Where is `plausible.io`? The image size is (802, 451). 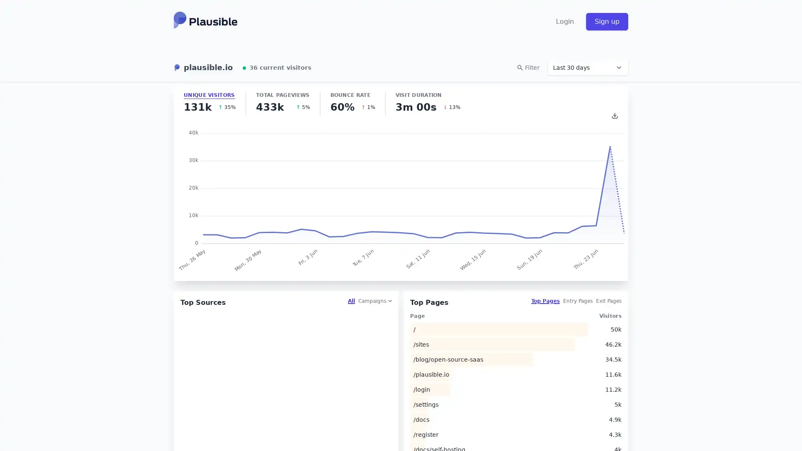 plausible.io is located at coordinates (203, 67).